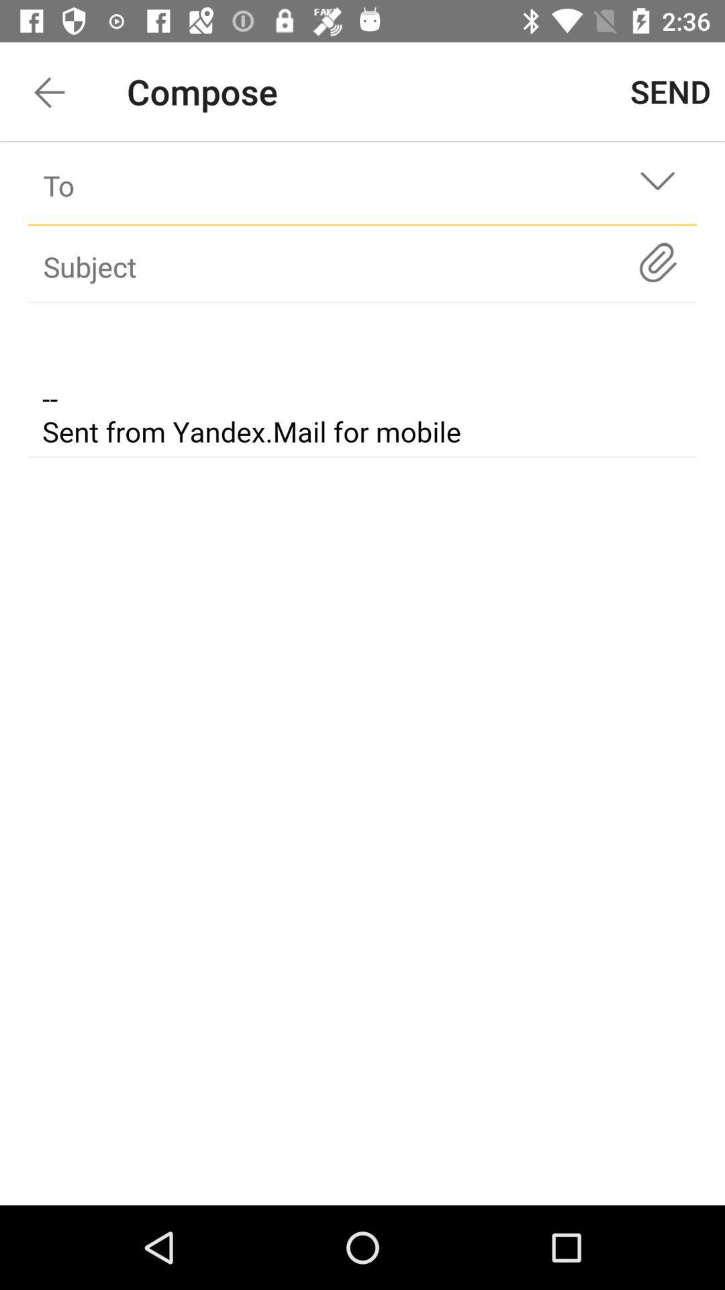 The width and height of the screenshot is (725, 1290). I want to click on the attach_file icon, so click(657, 262).